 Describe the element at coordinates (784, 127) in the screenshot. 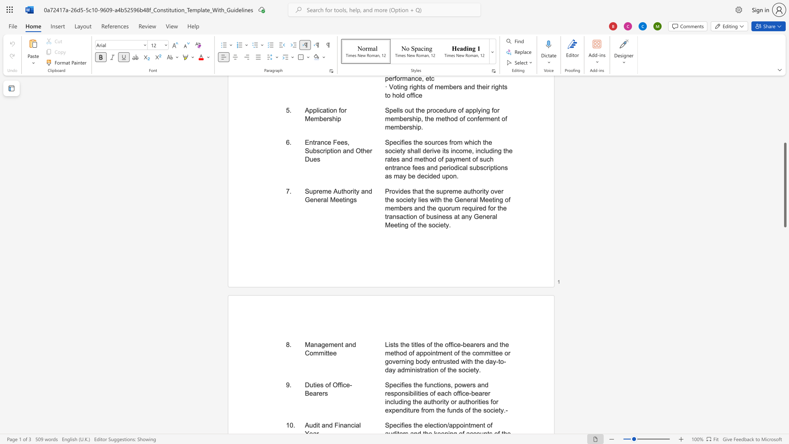

I see `the scrollbar on the right side to scroll the page up` at that location.